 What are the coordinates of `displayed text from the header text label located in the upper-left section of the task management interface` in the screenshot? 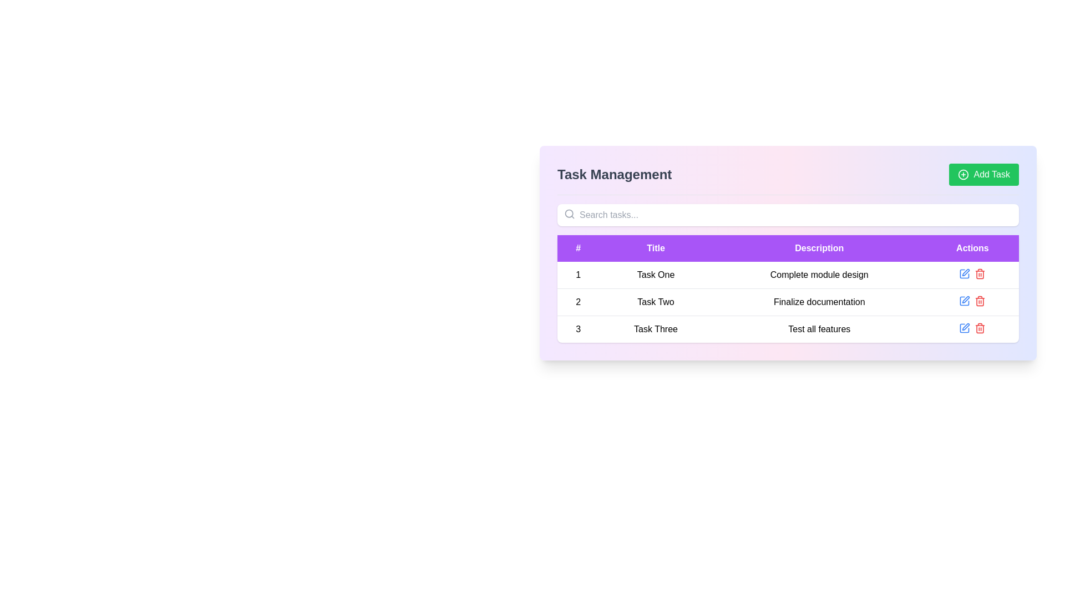 It's located at (614, 175).